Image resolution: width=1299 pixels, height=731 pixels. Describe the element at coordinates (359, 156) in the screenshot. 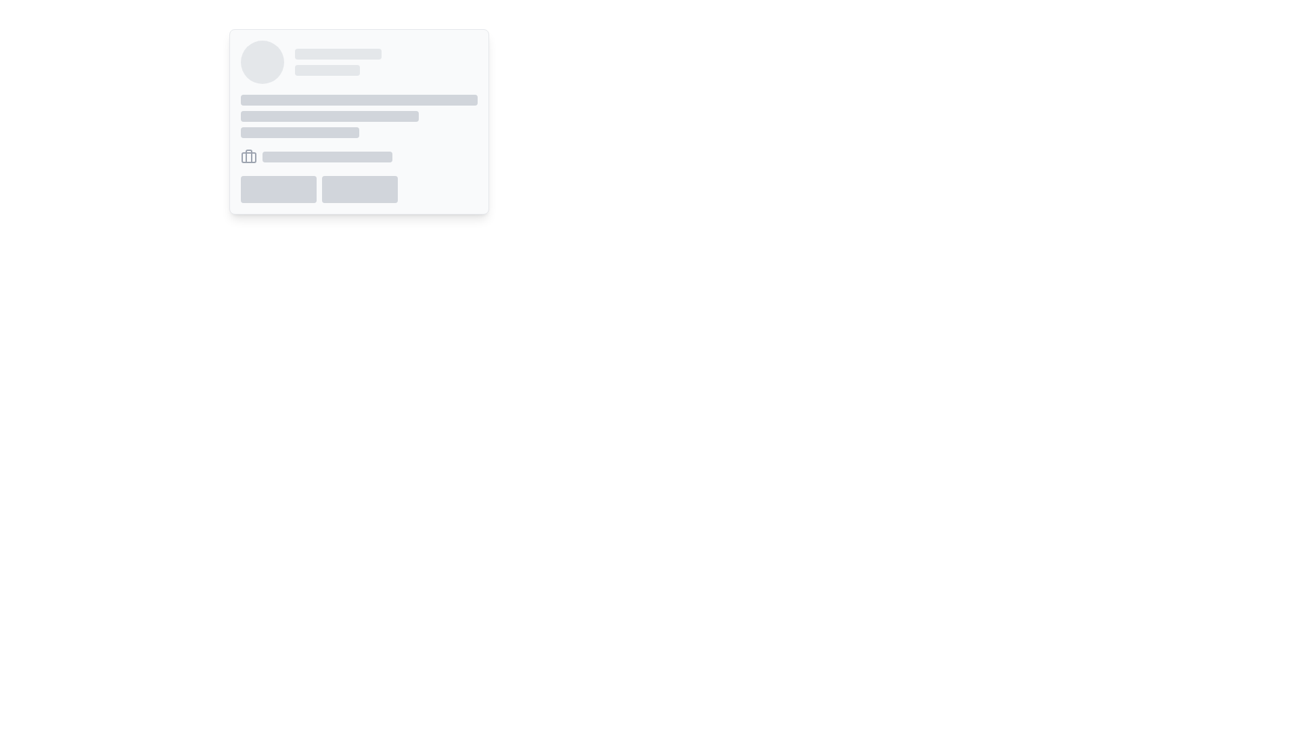

I see `the horizontal layout element containing an icon and a text placeholder, which is positioned beneath text placeholders and above button-like placeholders` at that location.